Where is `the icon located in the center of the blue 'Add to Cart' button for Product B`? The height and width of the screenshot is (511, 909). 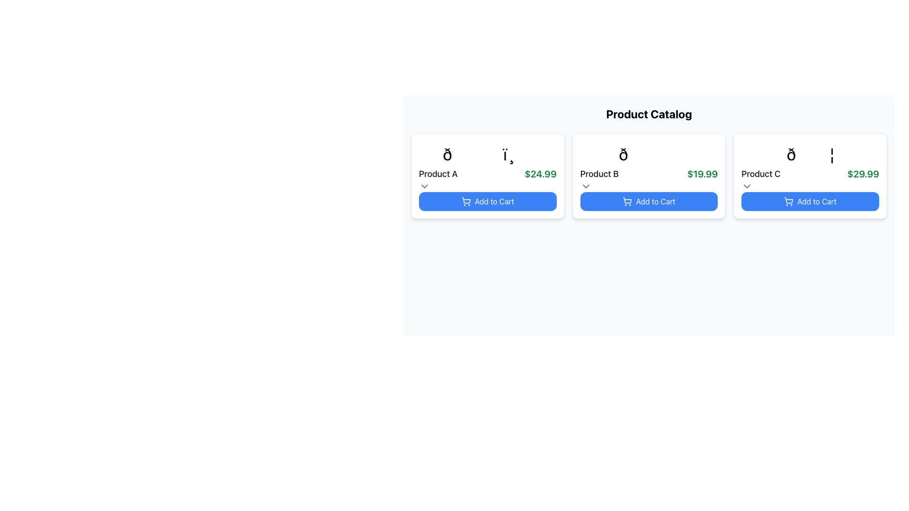 the icon located in the center of the blue 'Add to Cart' button for Product B is located at coordinates (627, 201).